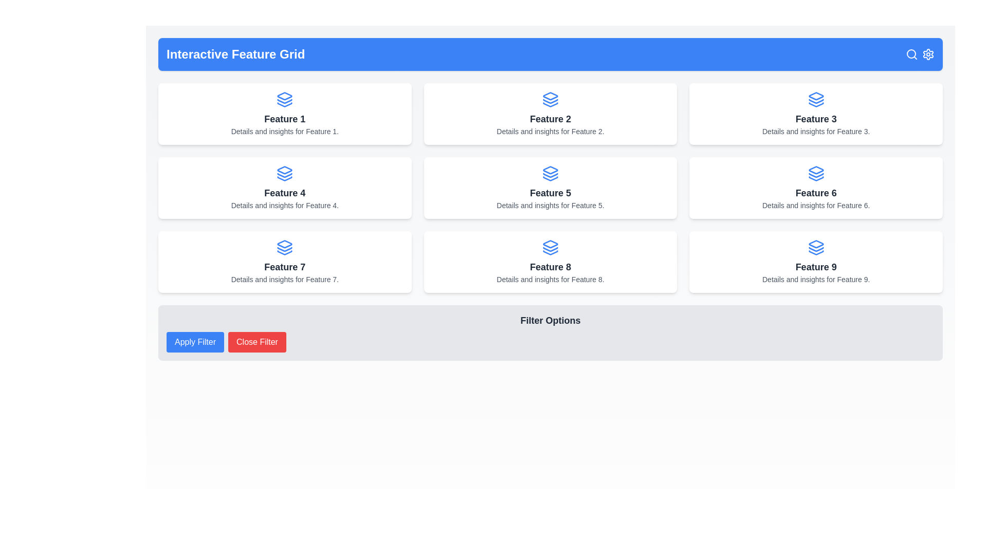 This screenshot has height=555, width=987. I want to click on the decorative icon layer of the 'Feature 1' card, which is positioned at the top-left corner of the grid layout, so click(285, 101).